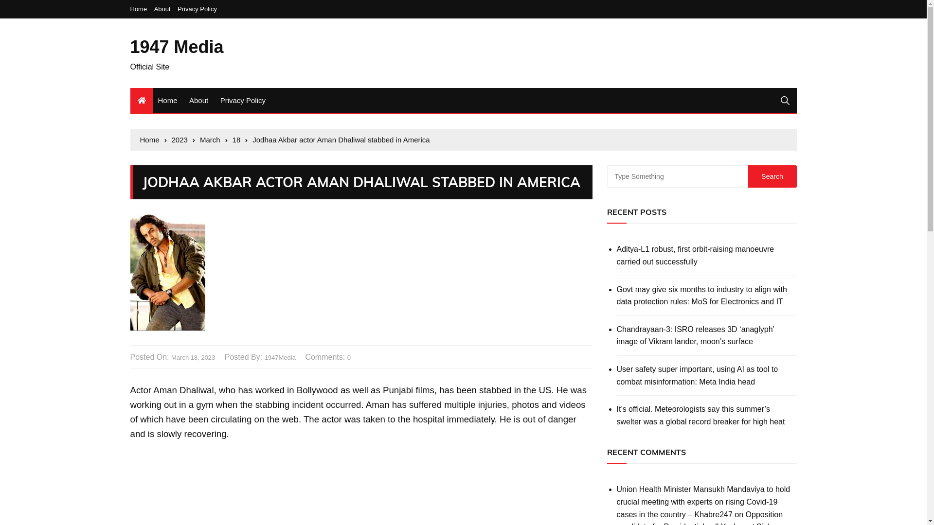  Describe the element at coordinates (183, 140) in the screenshot. I see `'2023'` at that location.